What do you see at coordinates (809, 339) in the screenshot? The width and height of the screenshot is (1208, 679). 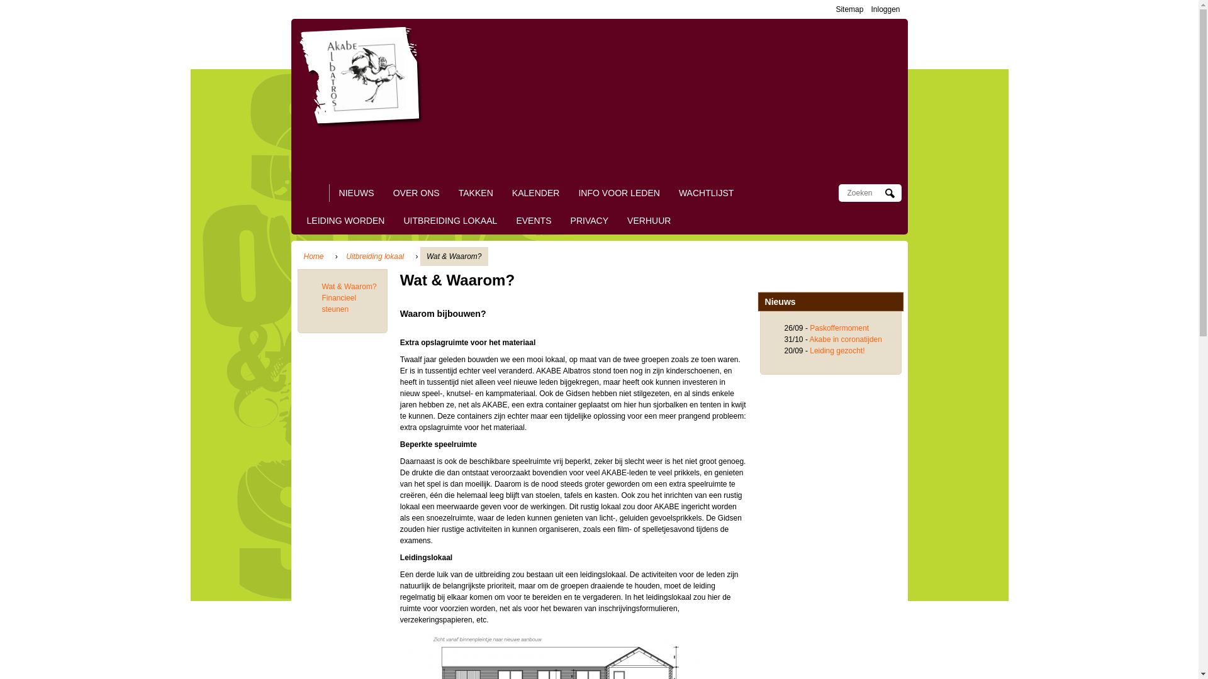 I see `'Akabe in coronatijden'` at bounding box center [809, 339].